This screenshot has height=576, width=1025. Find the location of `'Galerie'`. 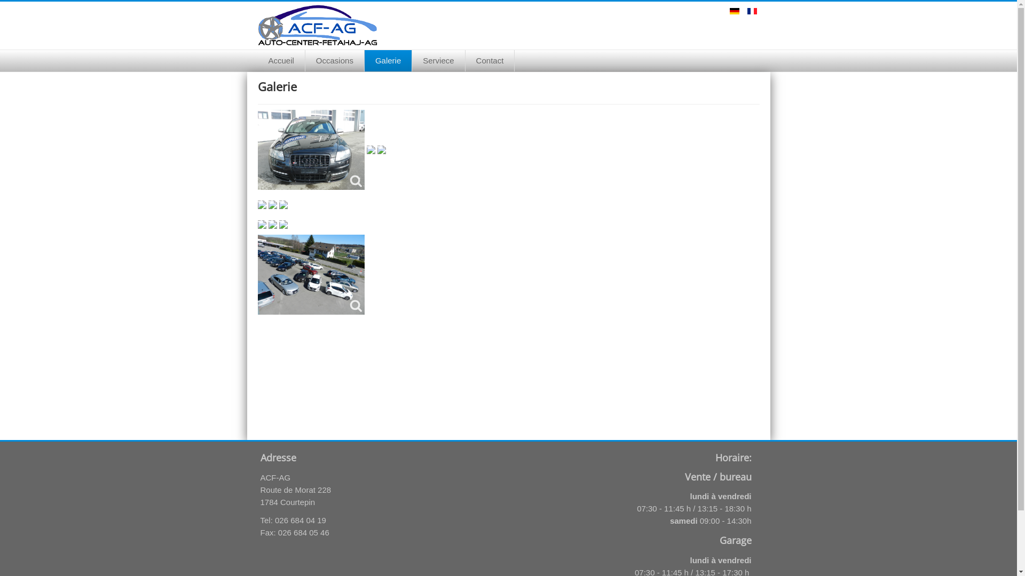

'Galerie' is located at coordinates (364, 61).